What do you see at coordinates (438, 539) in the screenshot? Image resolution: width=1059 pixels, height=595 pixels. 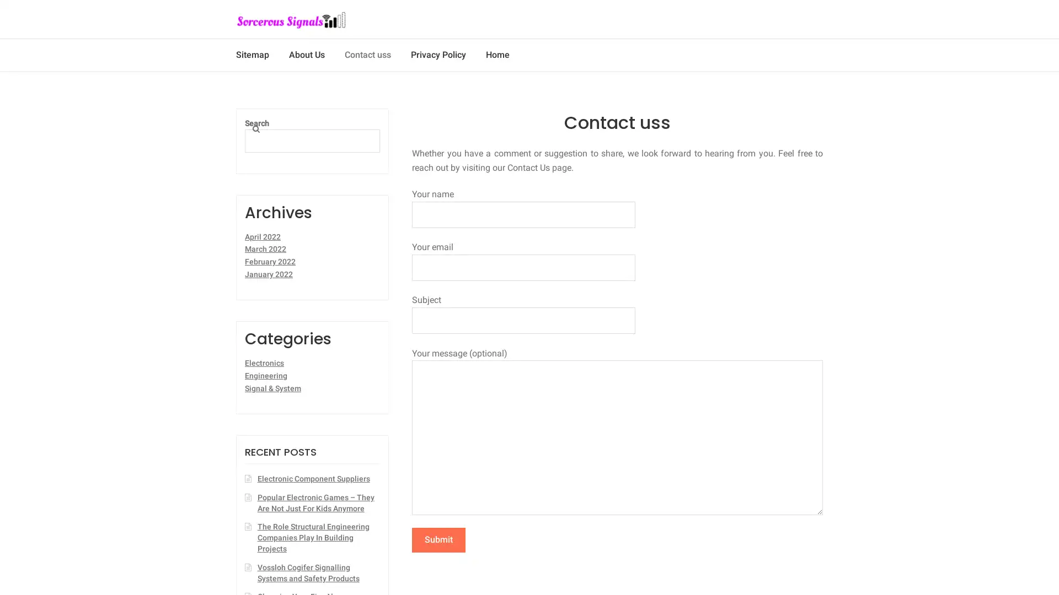 I see `Submit` at bounding box center [438, 539].